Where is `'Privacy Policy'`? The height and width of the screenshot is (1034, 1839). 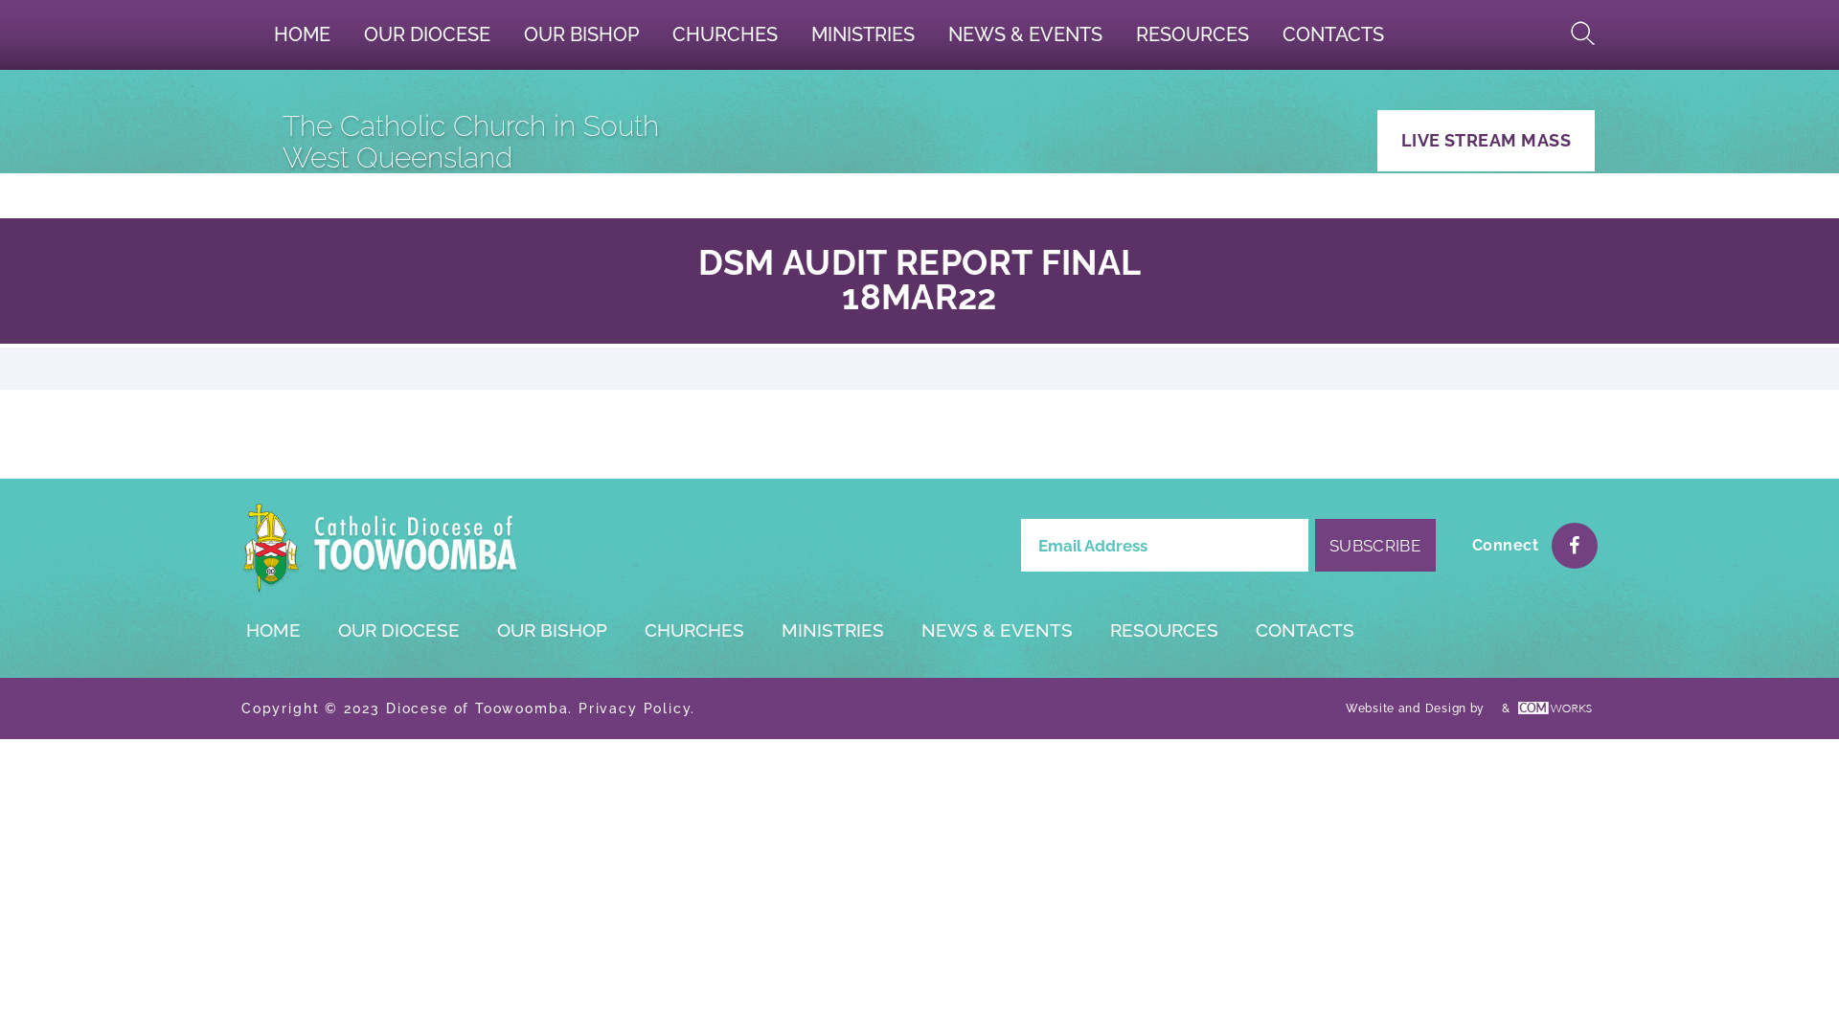 'Privacy Policy' is located at coordinates (634, 708).